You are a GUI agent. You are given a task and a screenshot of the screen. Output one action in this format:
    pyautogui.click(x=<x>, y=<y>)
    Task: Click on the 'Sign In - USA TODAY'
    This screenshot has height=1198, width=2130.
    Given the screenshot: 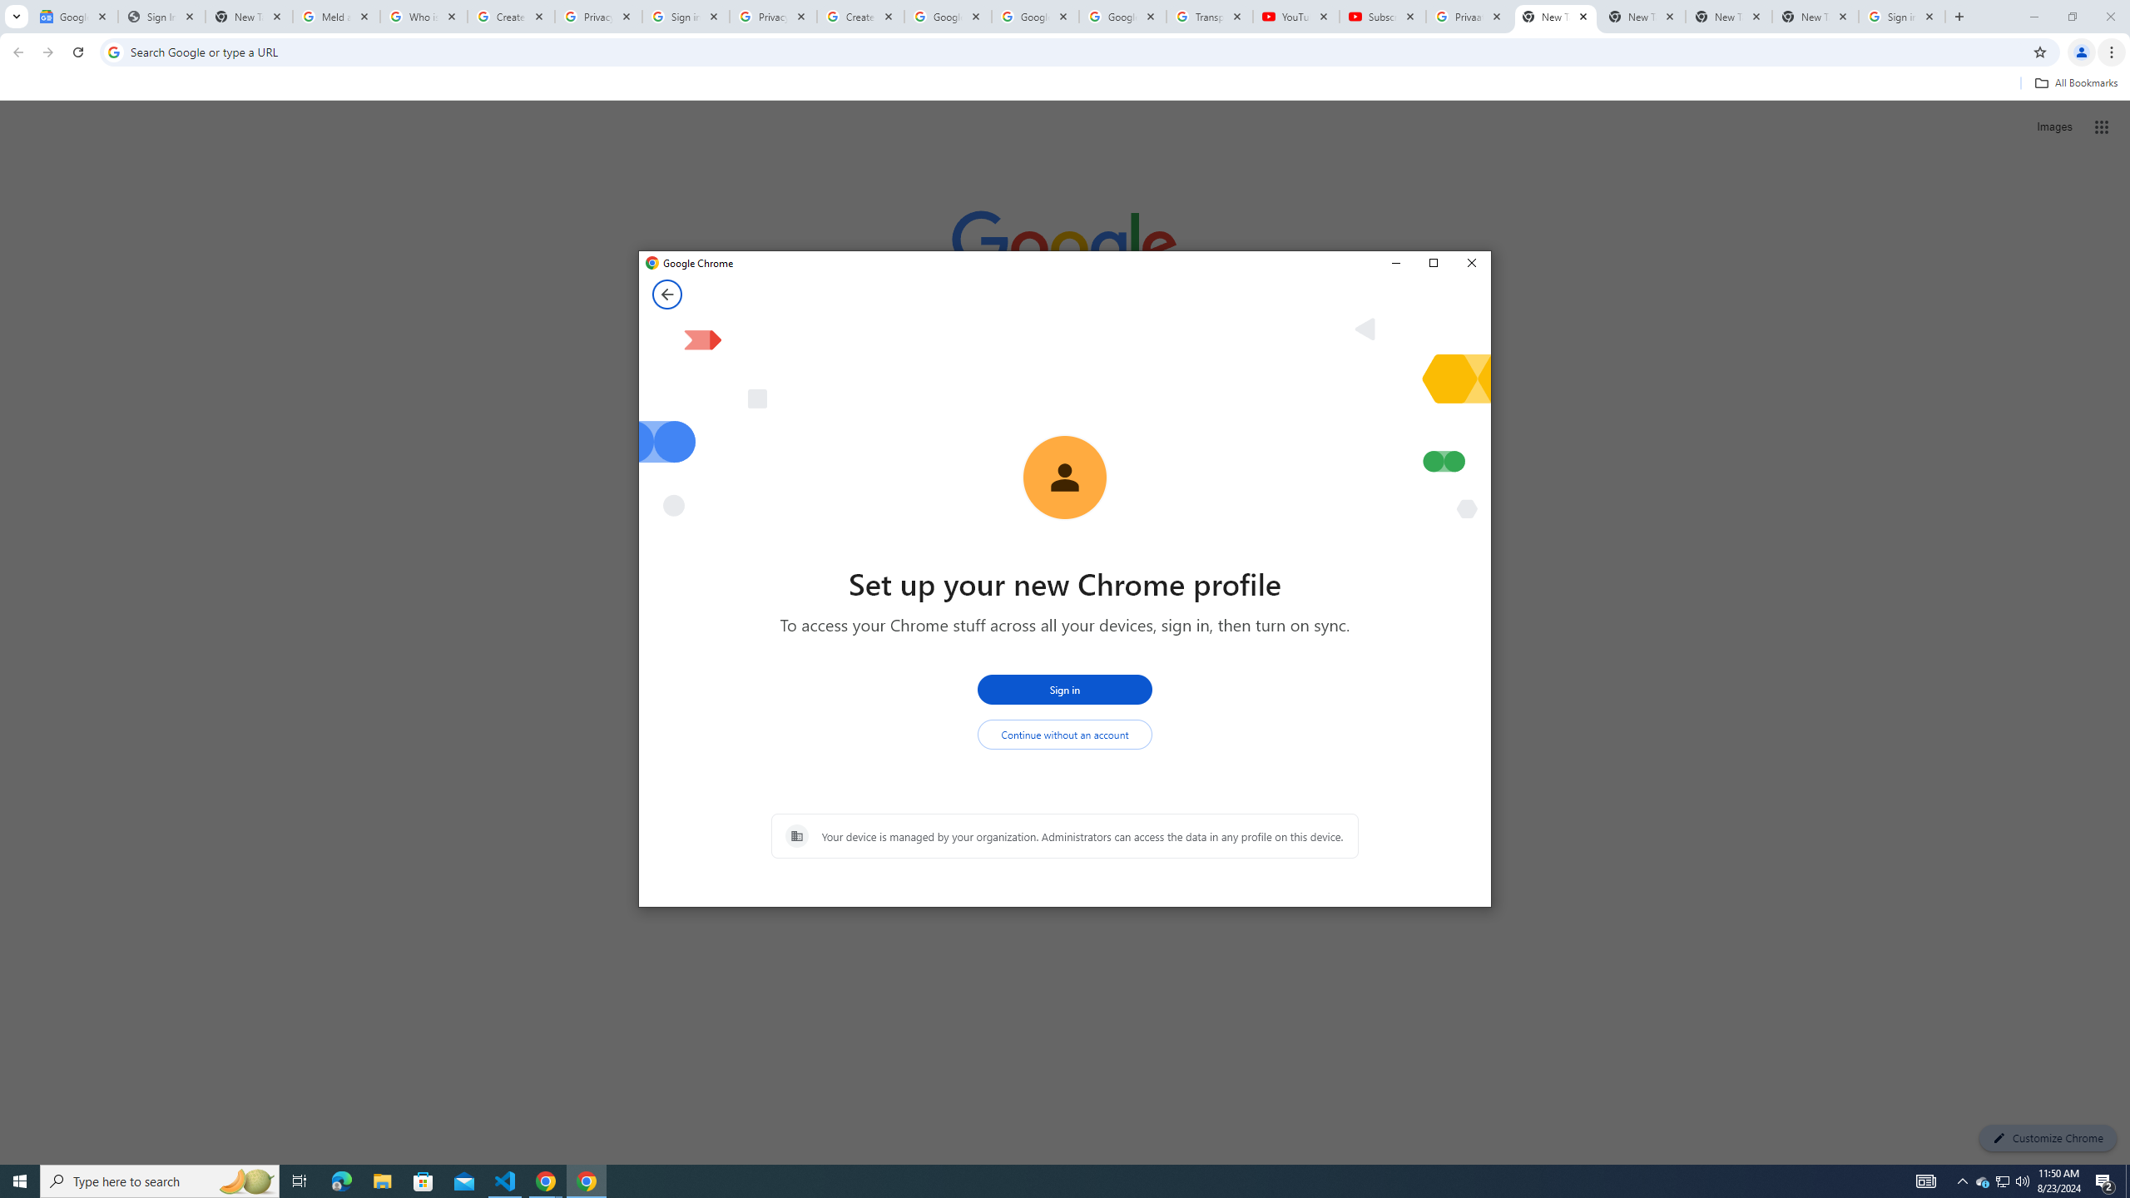 What is the action you would take?
    pyautogui.click(x=161, y=16)
    